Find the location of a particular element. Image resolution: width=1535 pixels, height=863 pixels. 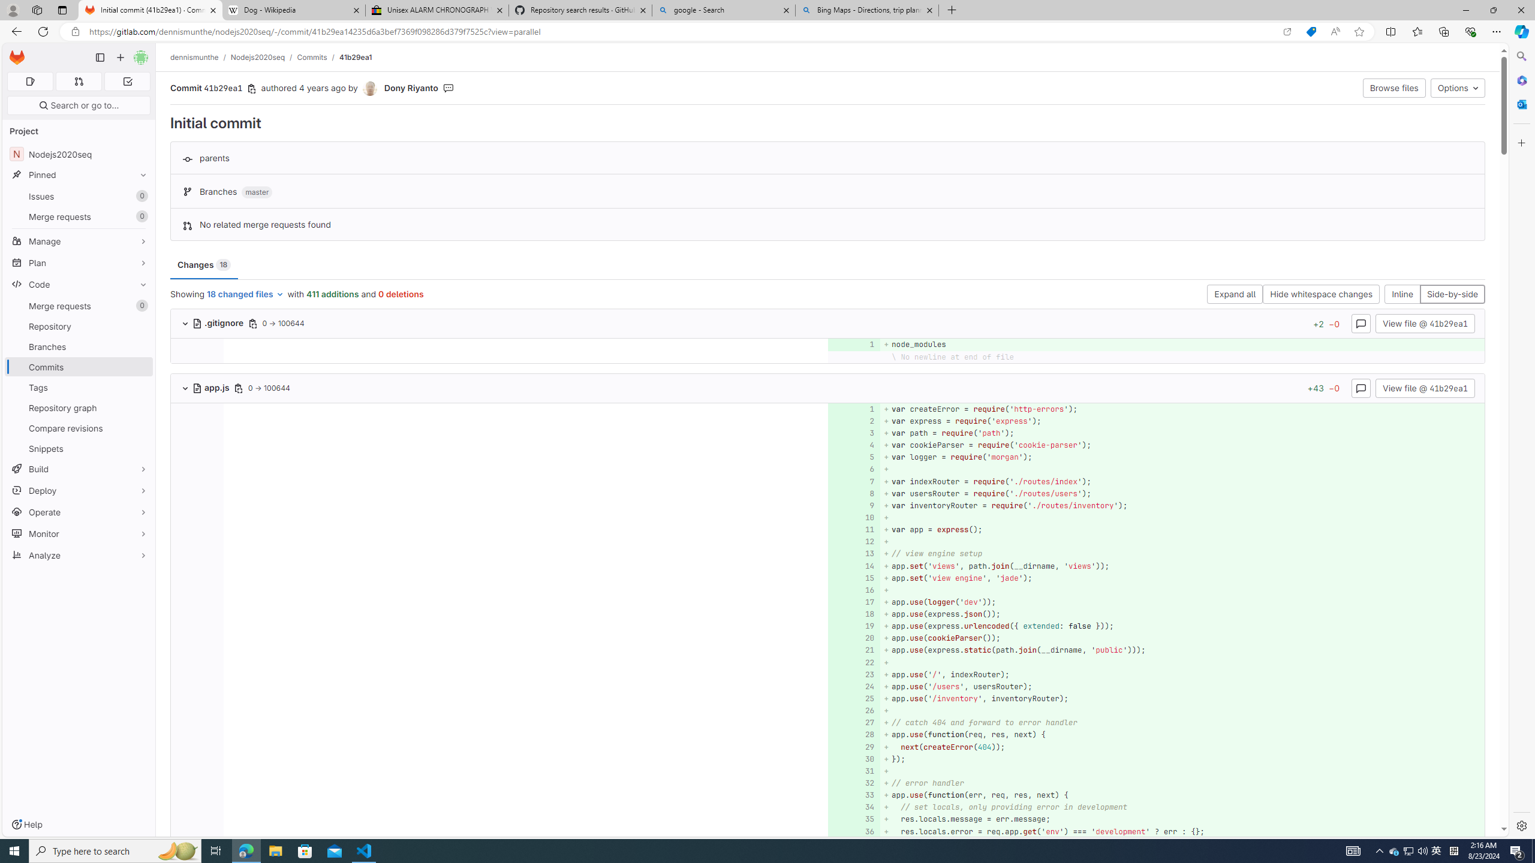

'Operate' is located at coordinates (78, 512).